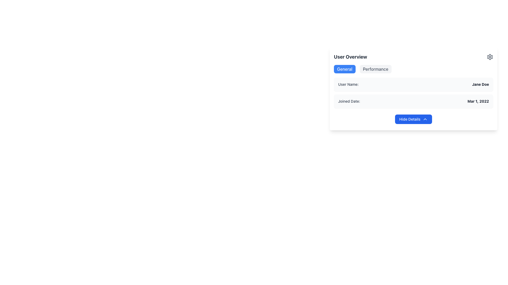 The width and height of the screenshot is (508, 285). Describe the element at coordinates (350, 57) in the screenshot. I see `text from the 'User Overview' title text label, which is a bold and large font in dark gray color, located at the top left of the content box` at that location.